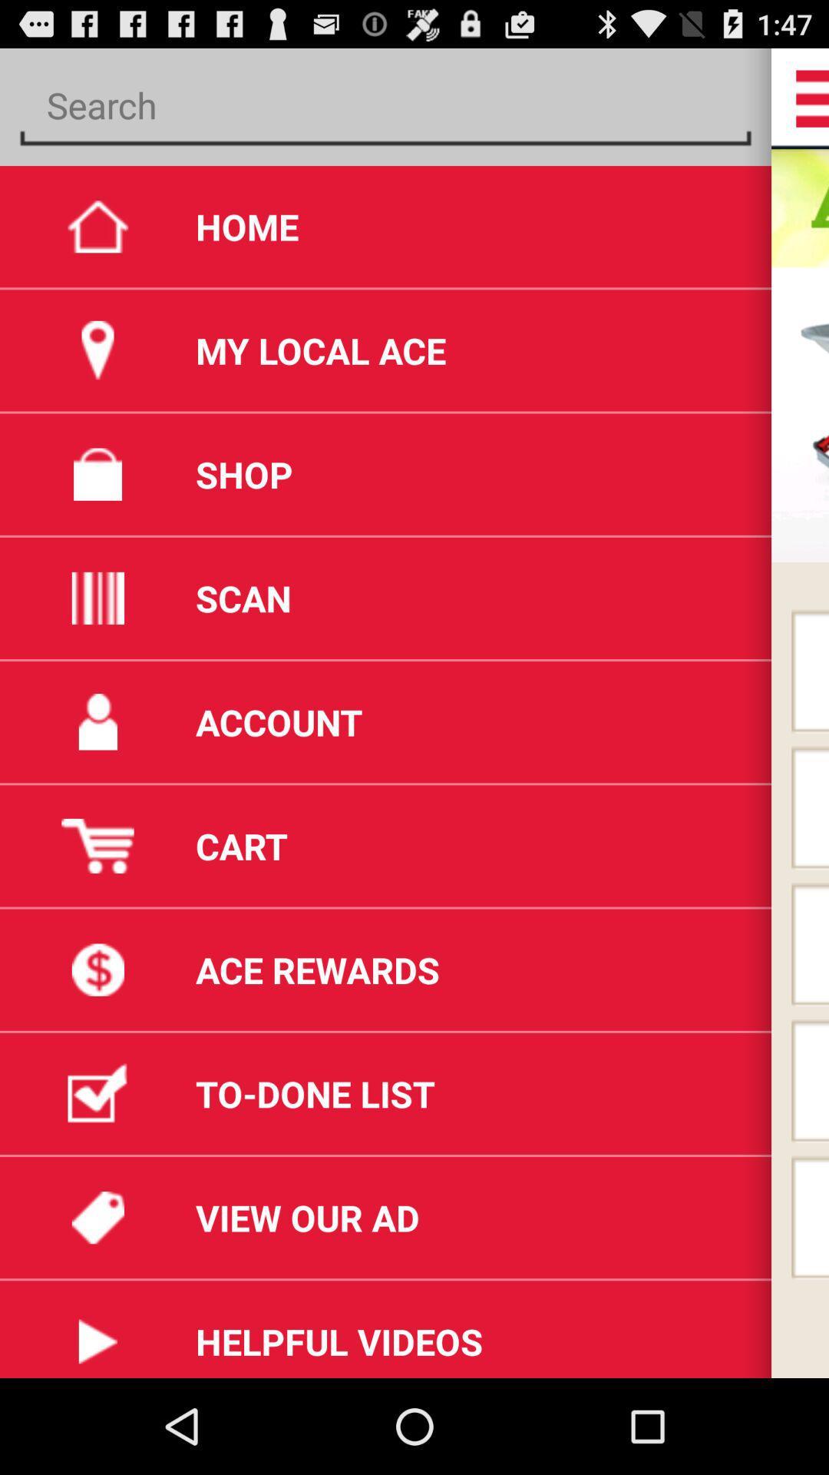  What do you see at coordinates (385, 106) in the screenshot?
I see `search ace` at bounding box center [385, 106].